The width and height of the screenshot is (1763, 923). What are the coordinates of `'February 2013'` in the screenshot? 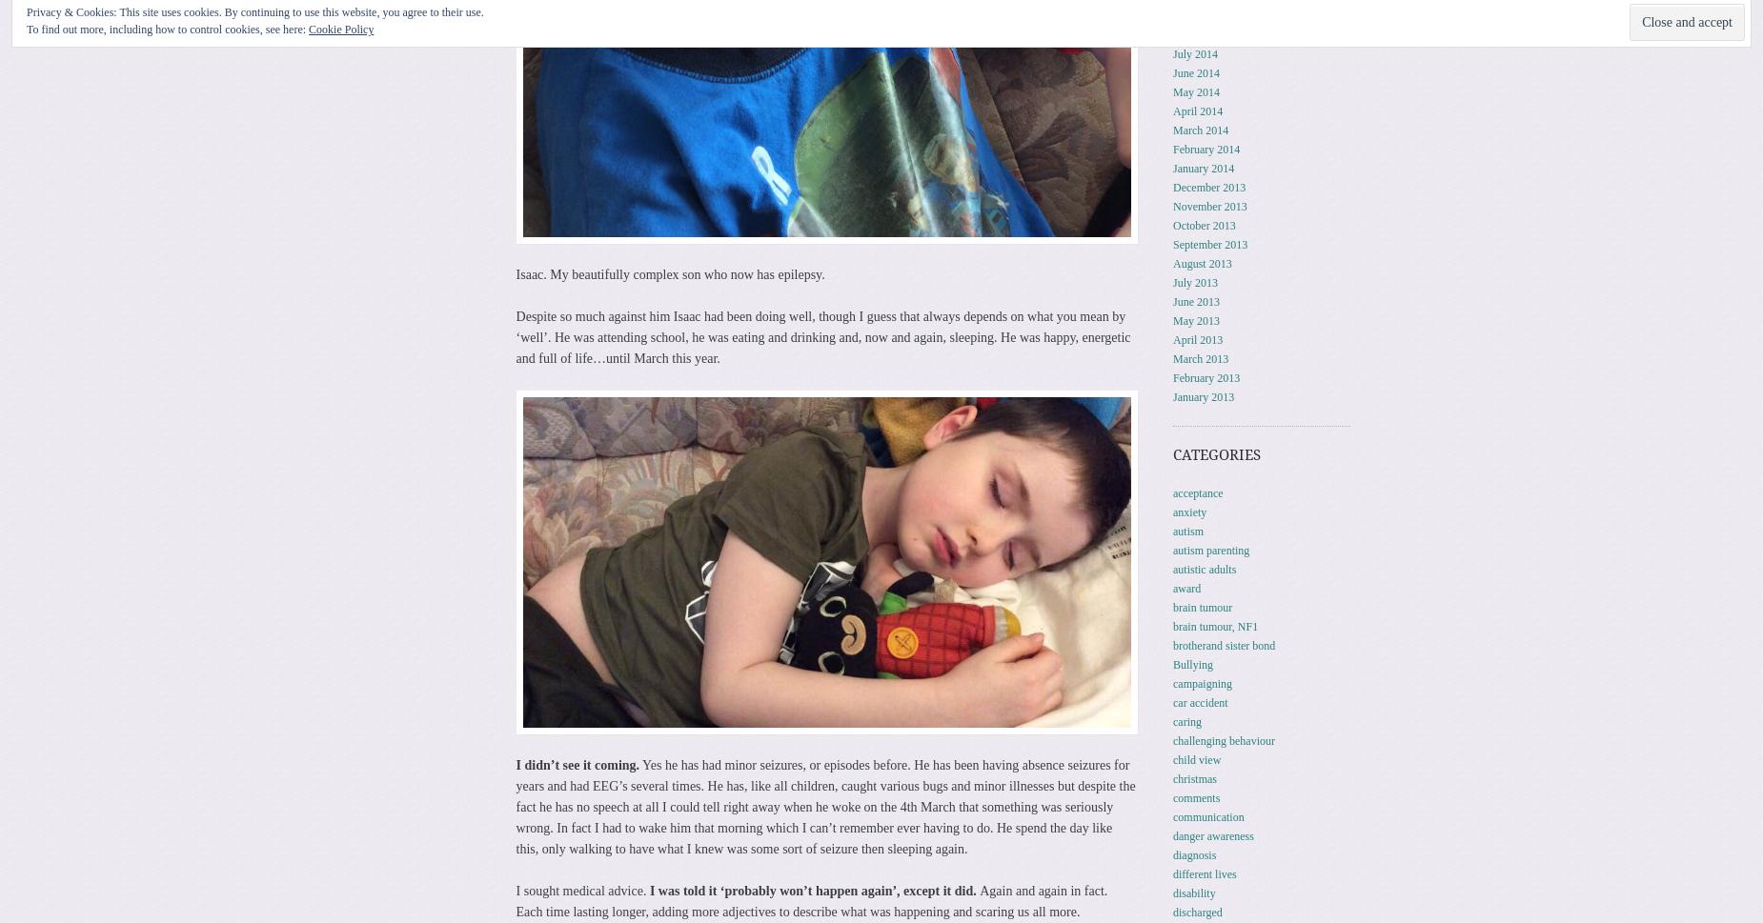 It's located at (1171, 377).